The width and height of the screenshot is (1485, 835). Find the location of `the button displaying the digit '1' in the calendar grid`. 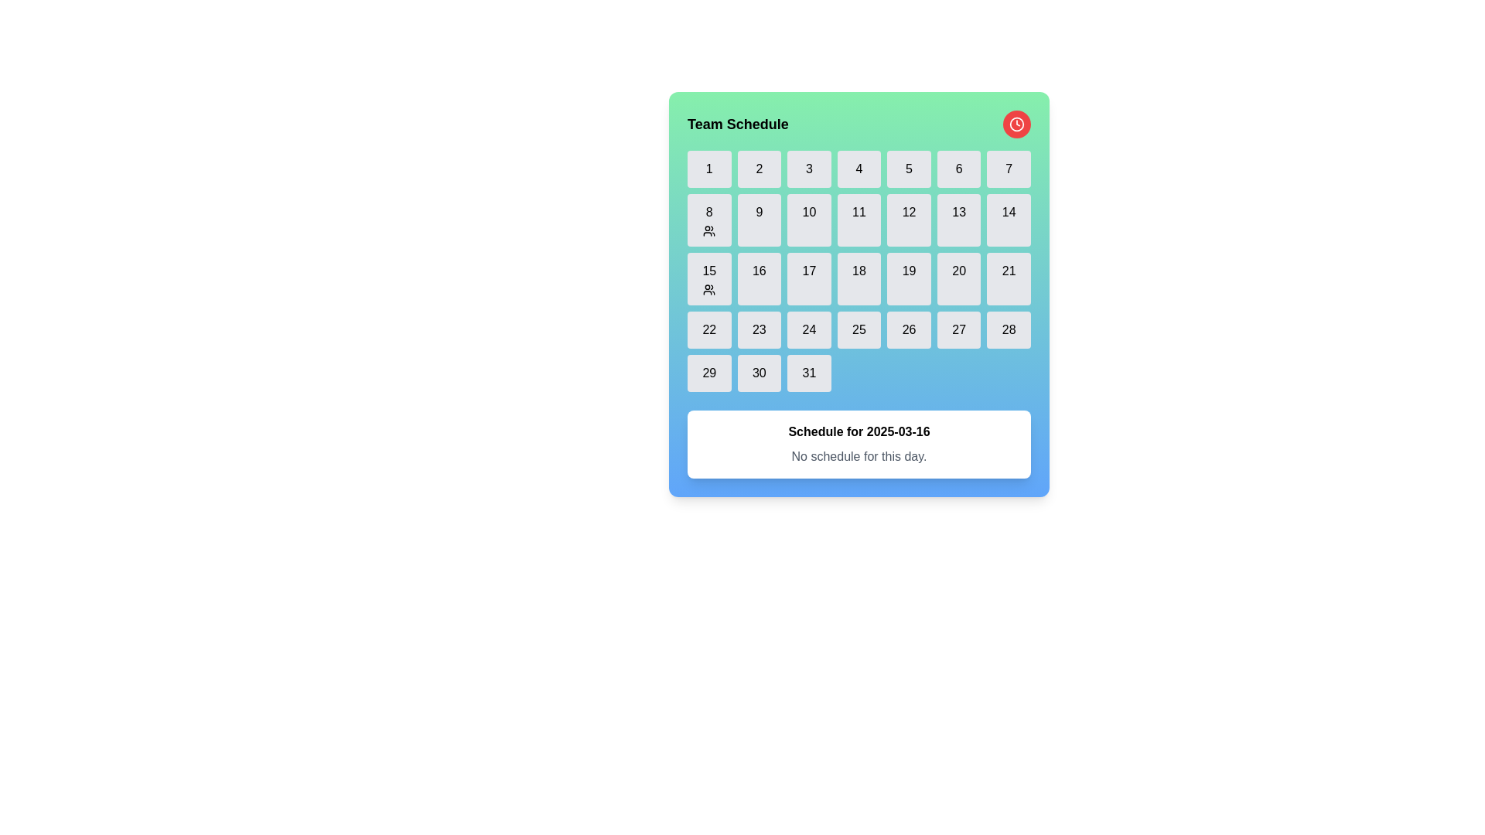

the button displaying the digit '1' in the calendar grid is located at coordinates (708, 169).